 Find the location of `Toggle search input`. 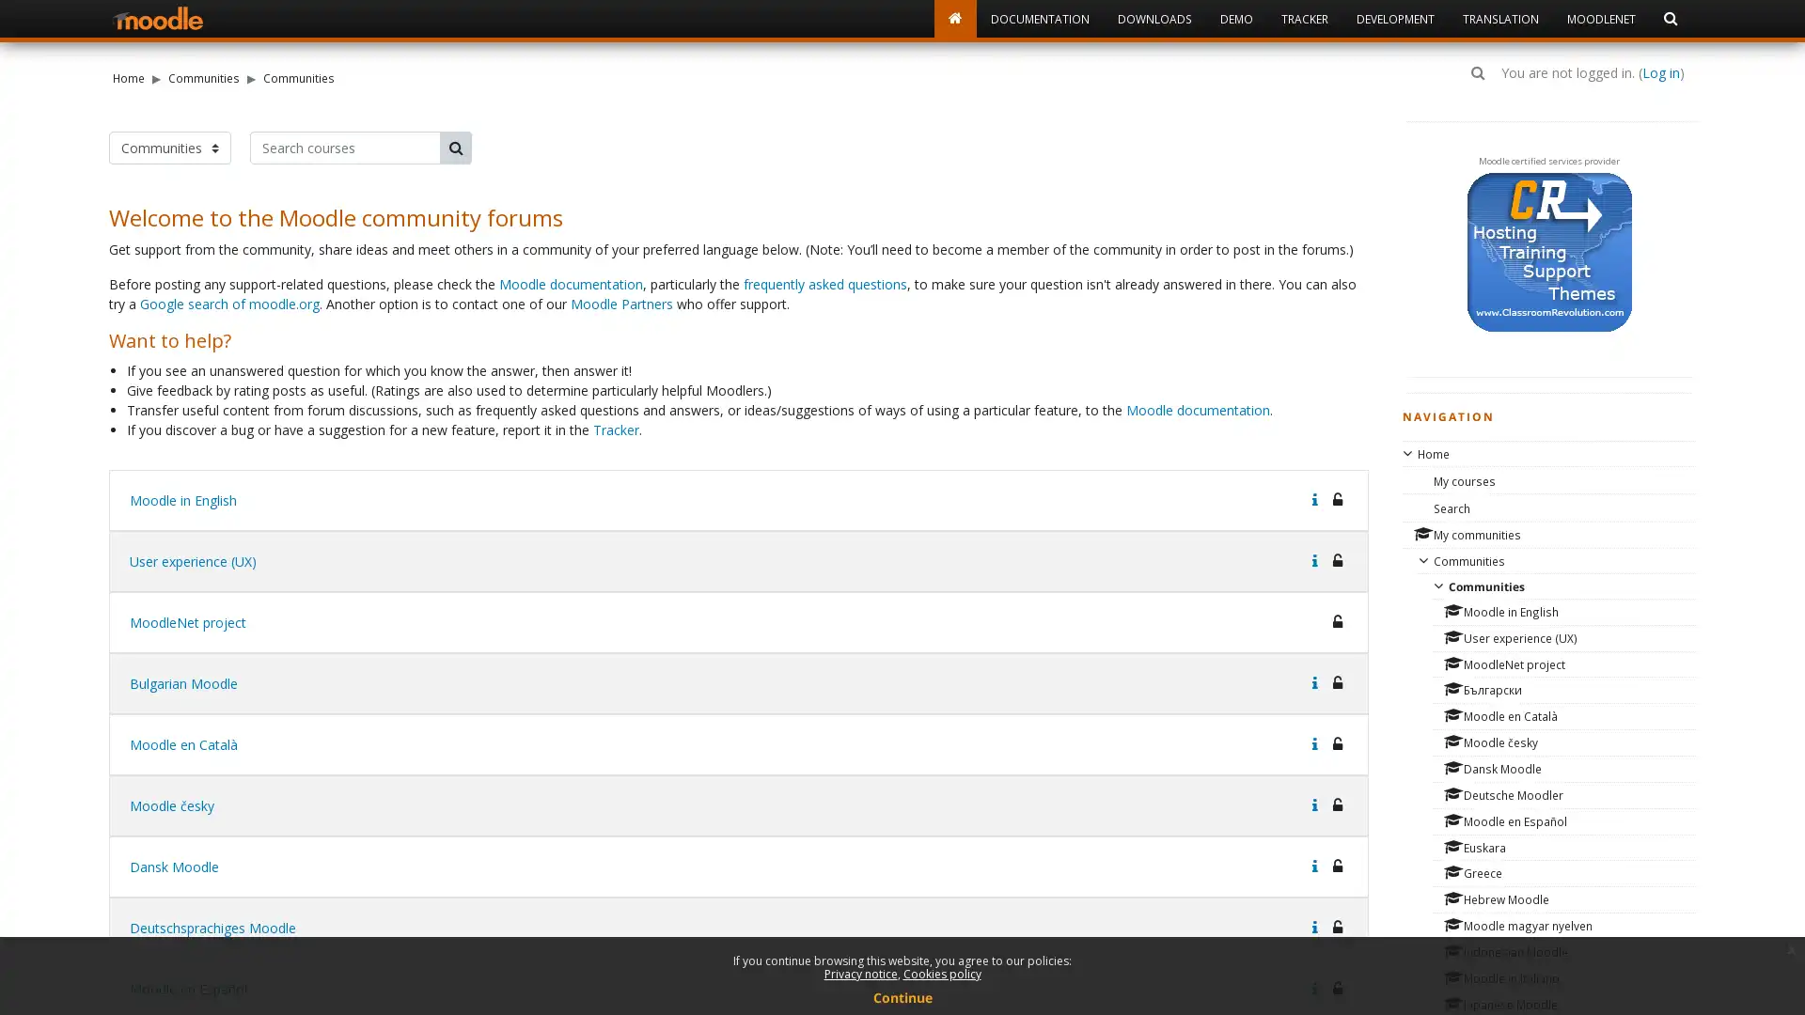

Toggle search input is located at coordinates (1477, 71).